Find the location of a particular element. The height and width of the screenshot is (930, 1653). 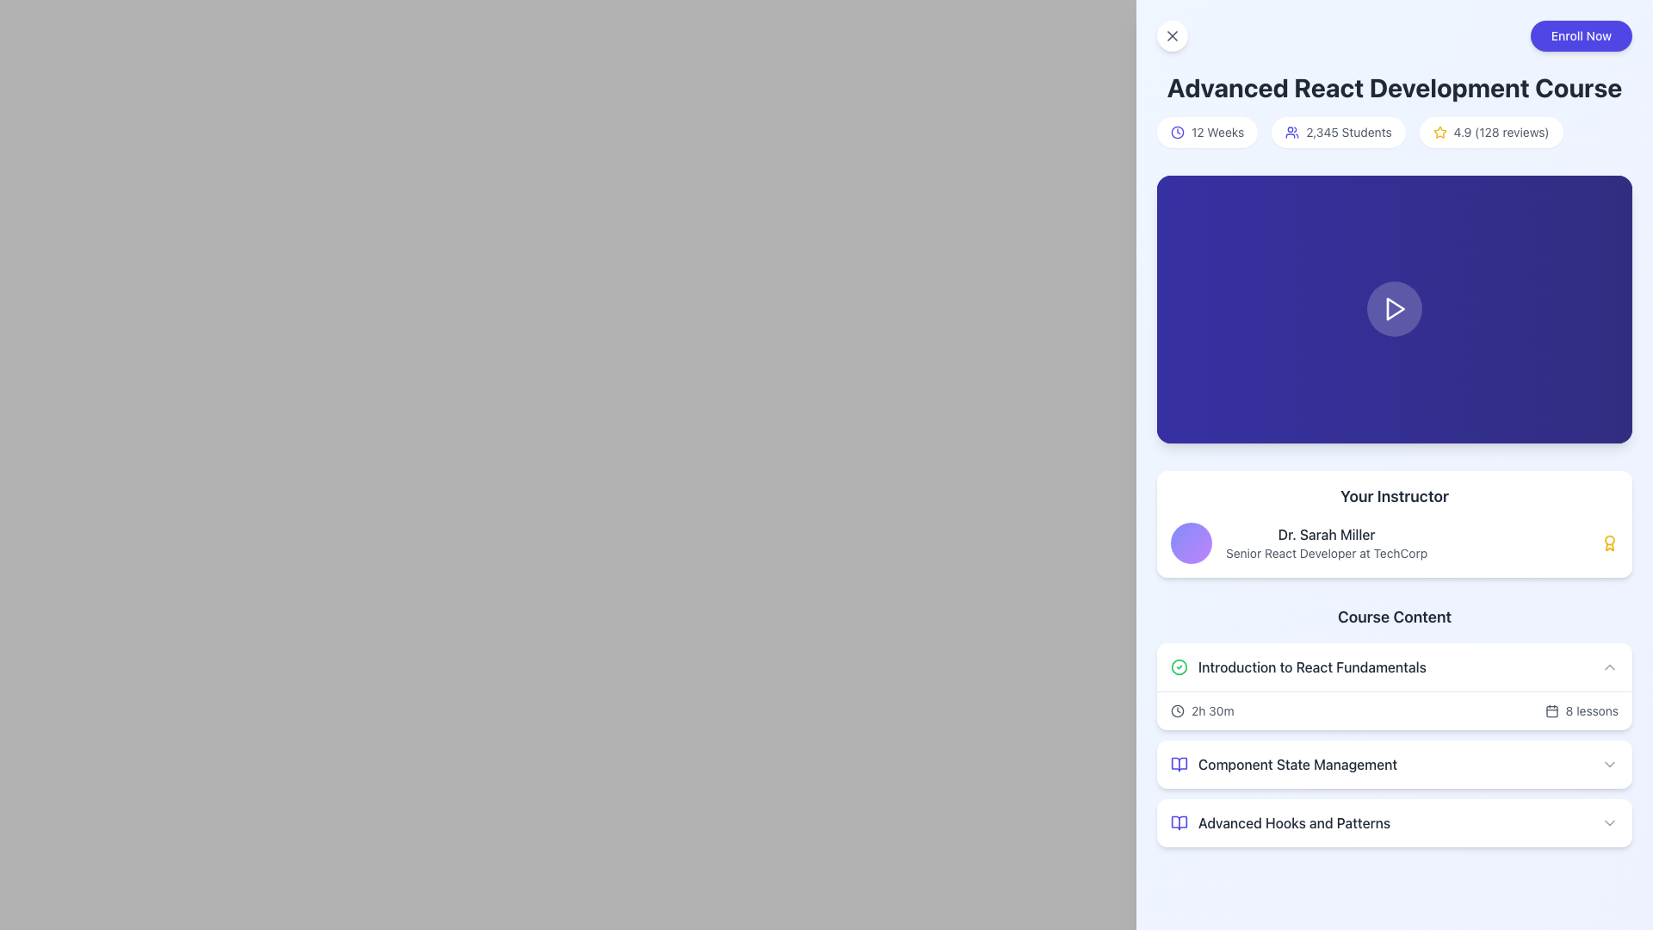

the 'lucide-book-open' SVG icon located in the 'Advanced Hooks and Patterns' section under 'Course Content' in the sidebar, which is visually aligned to the left of the section title is located at coordinates (1178, 821).